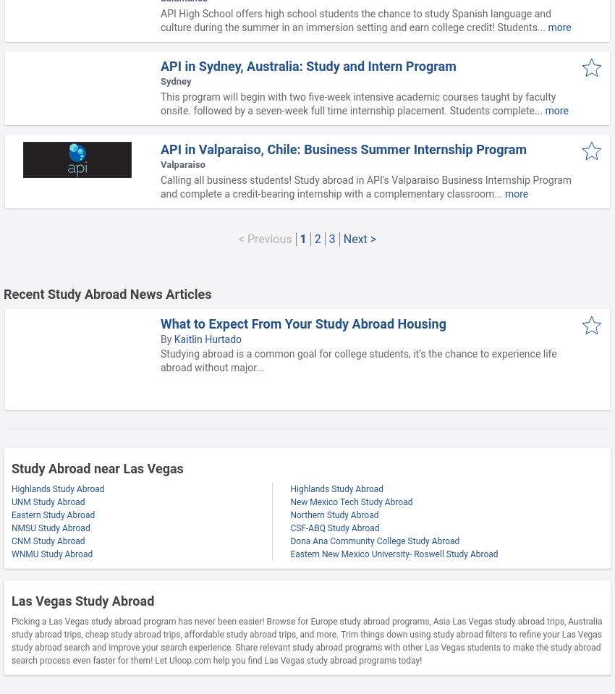 The image size is (615, 694). What do you see at coordinates (306, 640) in the screenshot?
I see `'Picking a Las Vegas study abroad program has never been easier! Browse for Europe study 
                    abroad programs, Asia Las Vegas study abroad trips, Australia study abroad trips, cheap 
                    study abroad trips, affordable study abroad trips, and more. Trim things down using study abroad 
                    filters to refine your Las Vegas study abroad search and improve your search experience. 
                    Share relevant study abroad programs with other Las Vegas students to make the study abroad 
                    search process even faster for them! Let Uloop.com help you find Las Vegas study abroad 
                    programs today!'` at bounding box center [306, 640].